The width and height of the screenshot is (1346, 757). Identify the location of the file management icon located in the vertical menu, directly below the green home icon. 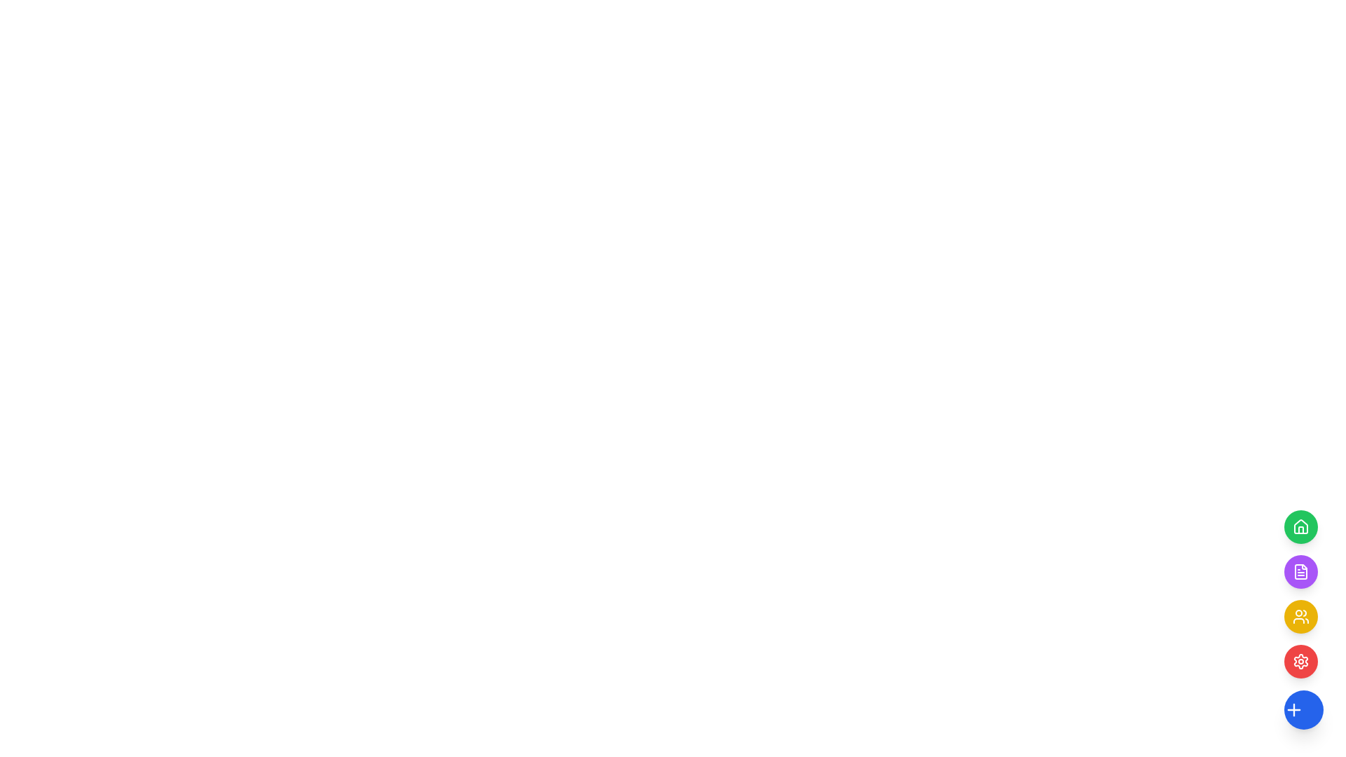
(1300, 572).